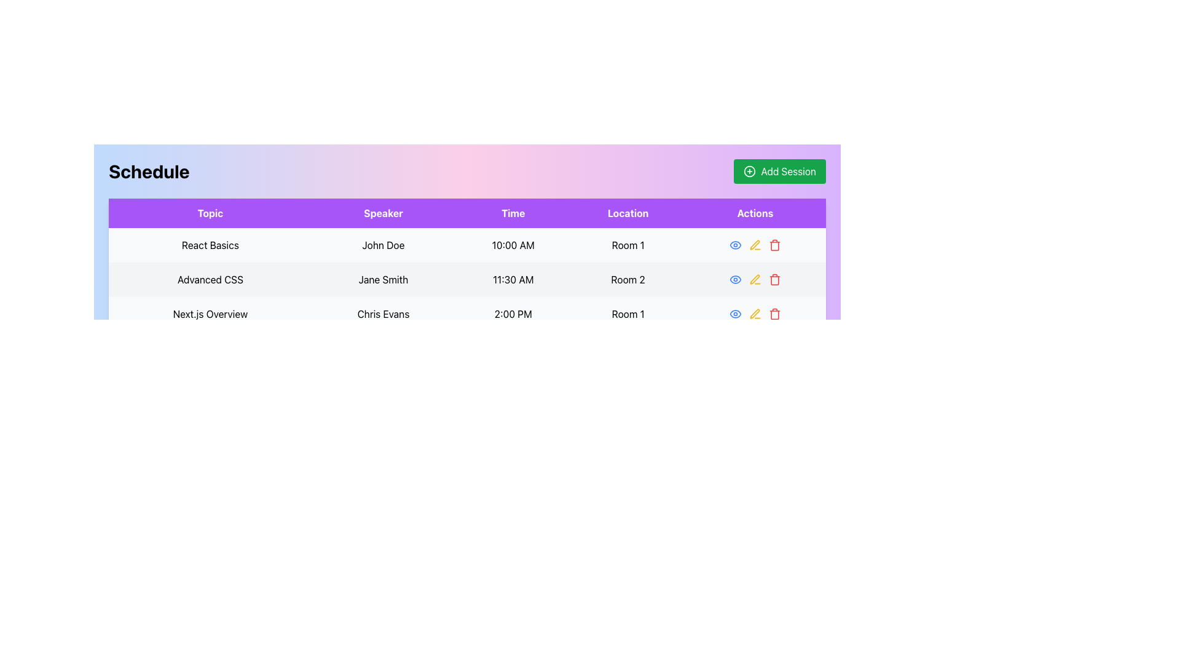 The height and width of the screenshot is (664, 1180). I want to click on the blue eye icon in the Actions column of the schedule table for viewing the 'Next.js Overview' event, so click(754, 313).